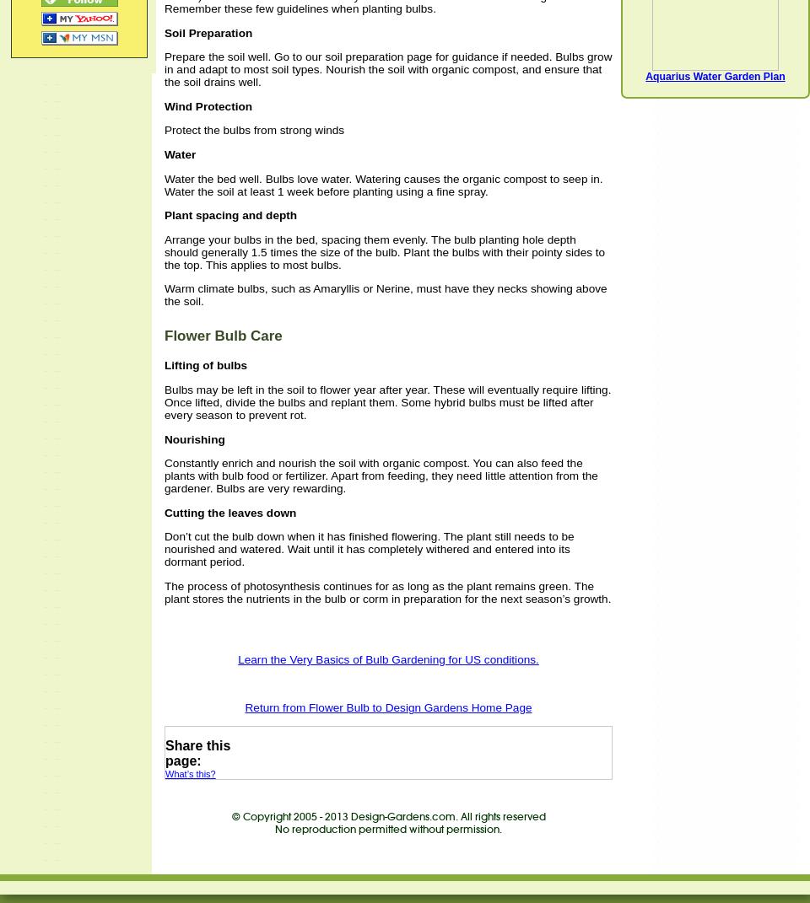 The width and height of the screenshot is (810, 903). I want to click on 'Water the bed well. Bulbs love water. Watering causes the organic compost to seep in. Water the soil at least 1 week before planting using a fine spray.', so click(383, 184).